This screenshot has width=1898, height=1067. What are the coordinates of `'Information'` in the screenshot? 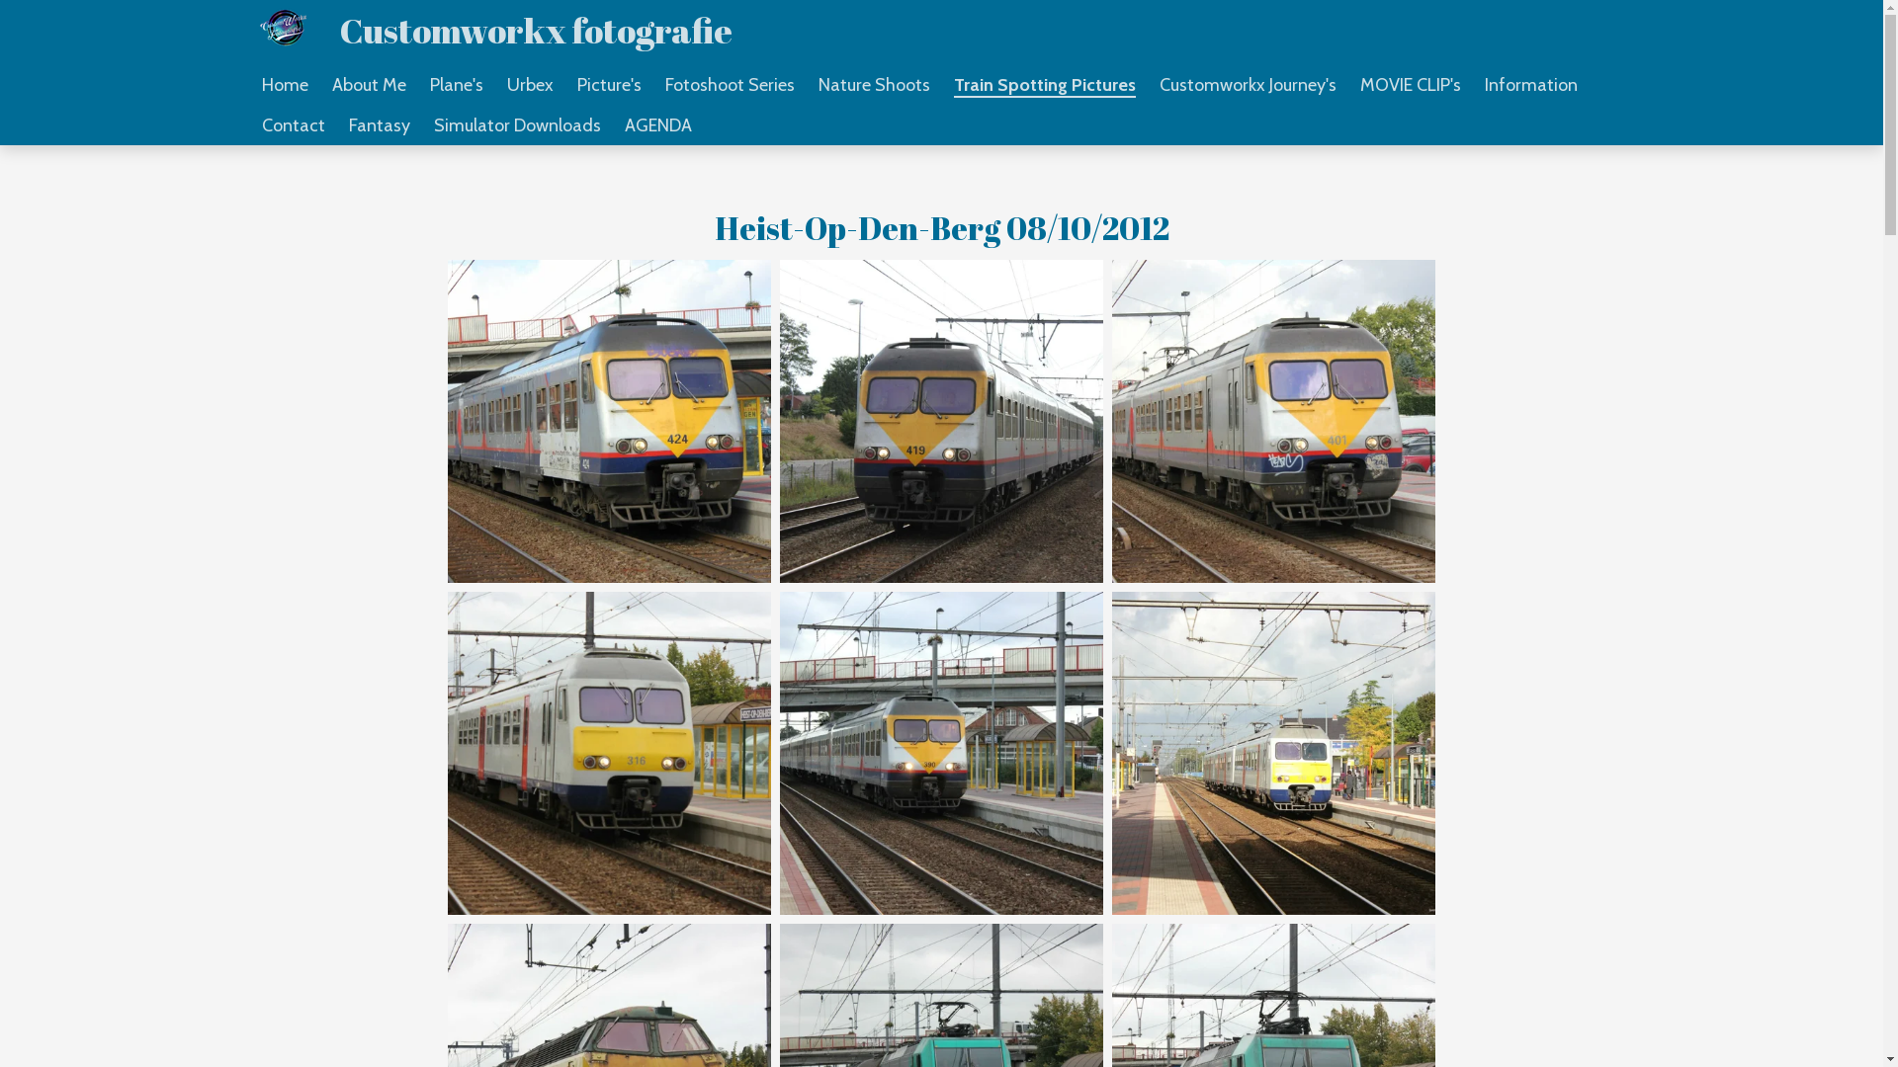 It's located at (1530, 83).